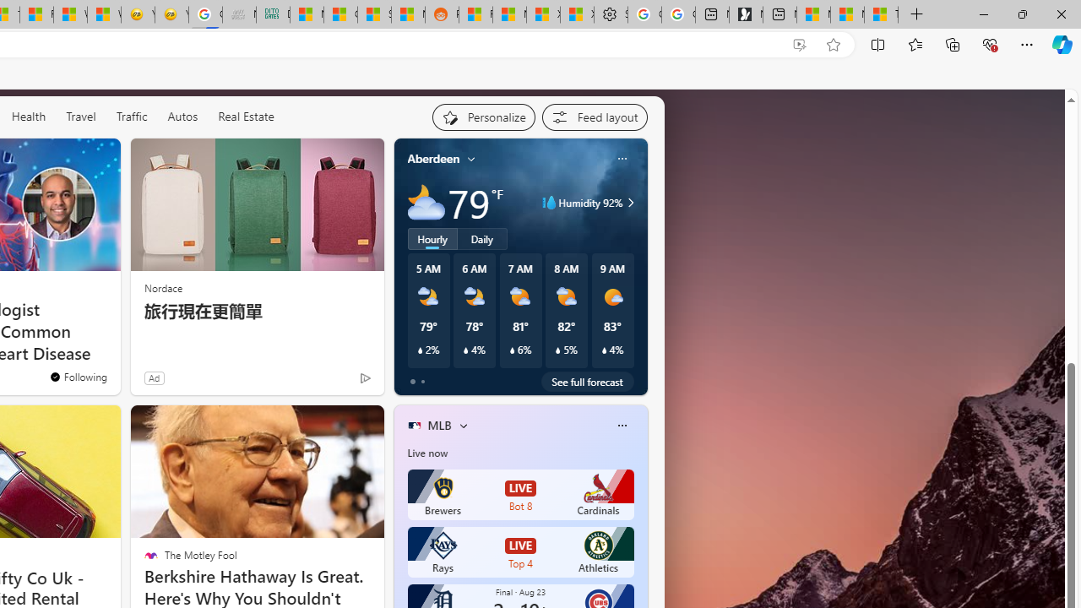 The width and height of the screenshot is (1081, 608). I want to click on 'Aberdeen', so click(433, 159).